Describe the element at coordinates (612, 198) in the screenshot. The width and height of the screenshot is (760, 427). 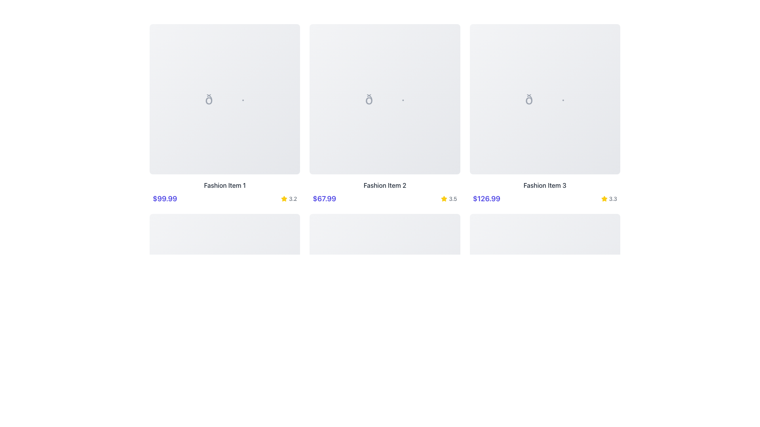
I see `the small text label displaying the numeric value '3.3' located in the rating section under 'Fashion Item 3', positioned to the right of the star-shaped icon` at that location.